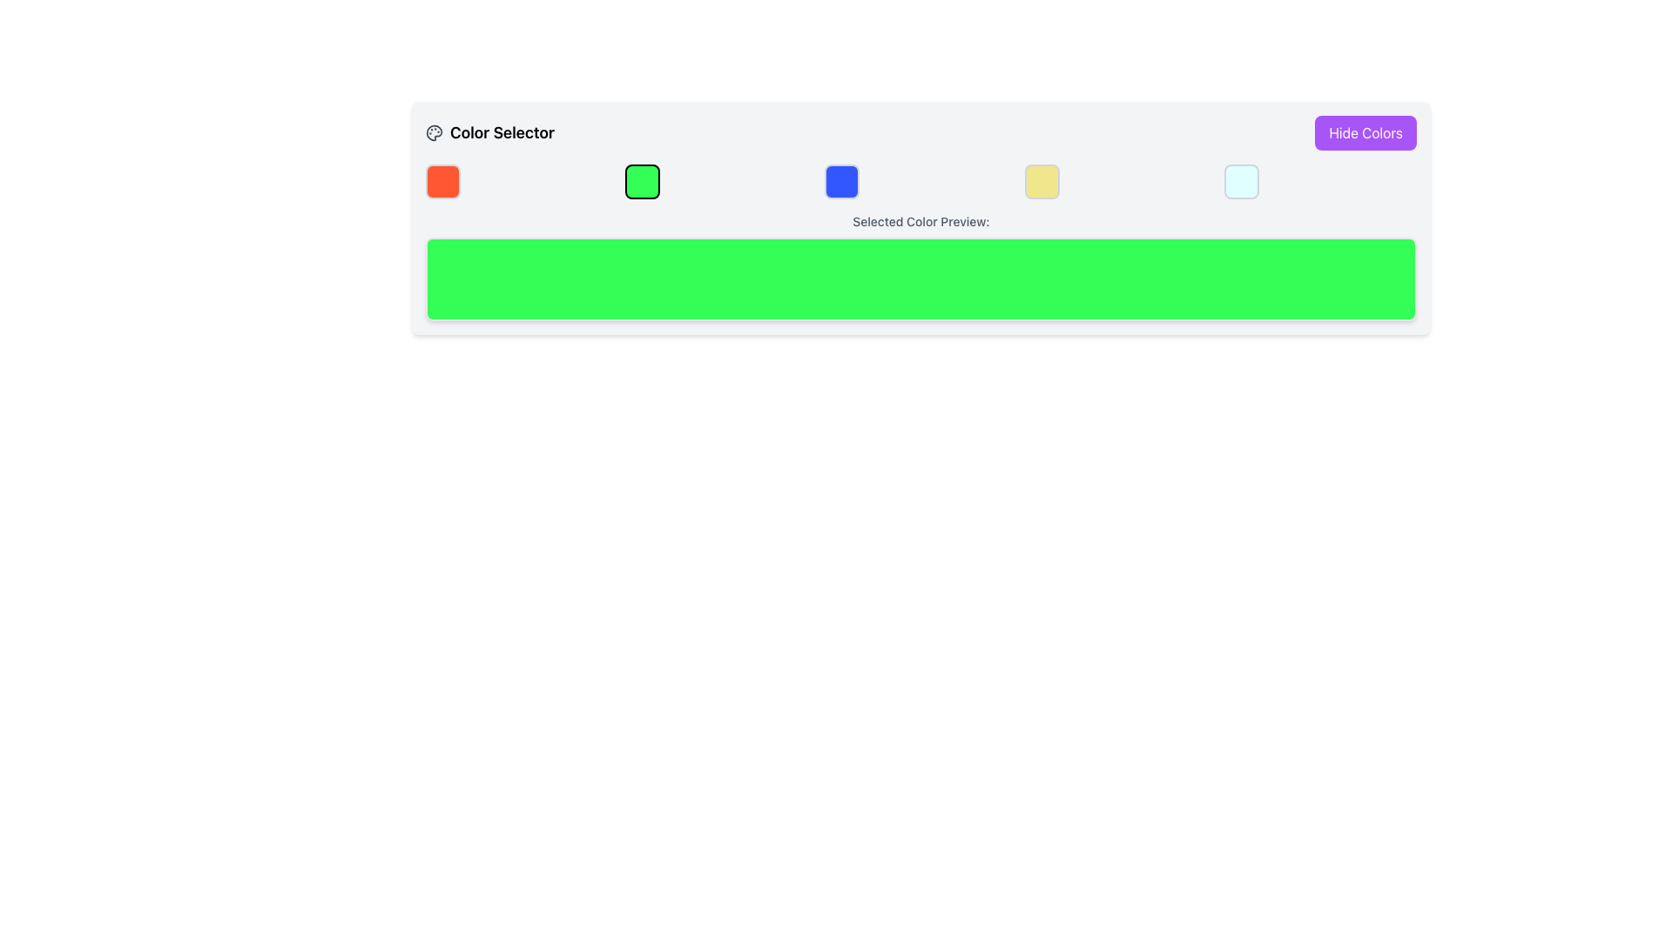 Image resolution: width=1672 pixels, height=940 pixels. I want to click on the circular painter's palette shape within the 'Color Selector' component, located in the top-left corner of the interface, so click(435, 132).